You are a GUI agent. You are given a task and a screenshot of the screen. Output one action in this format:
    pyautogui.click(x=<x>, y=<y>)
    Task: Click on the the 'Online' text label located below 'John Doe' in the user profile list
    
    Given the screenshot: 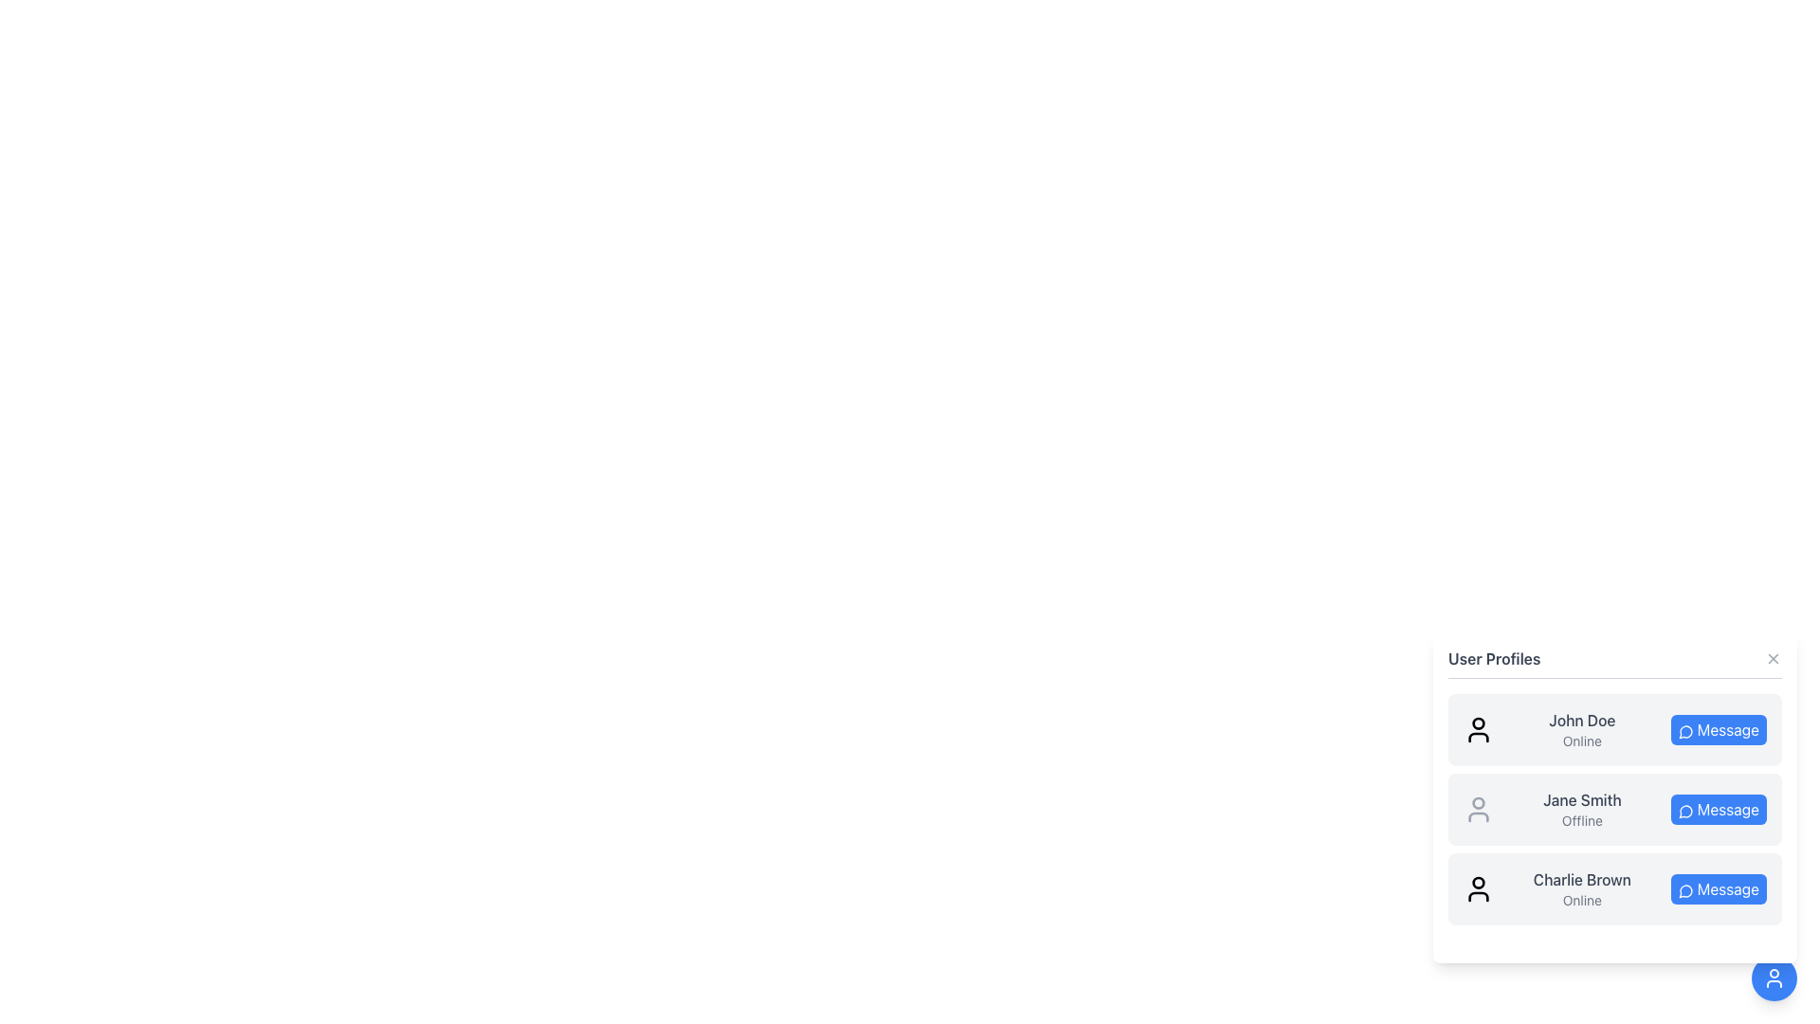 What is the action you would take?
    pyautogui.click(x=1582, y=741)
    